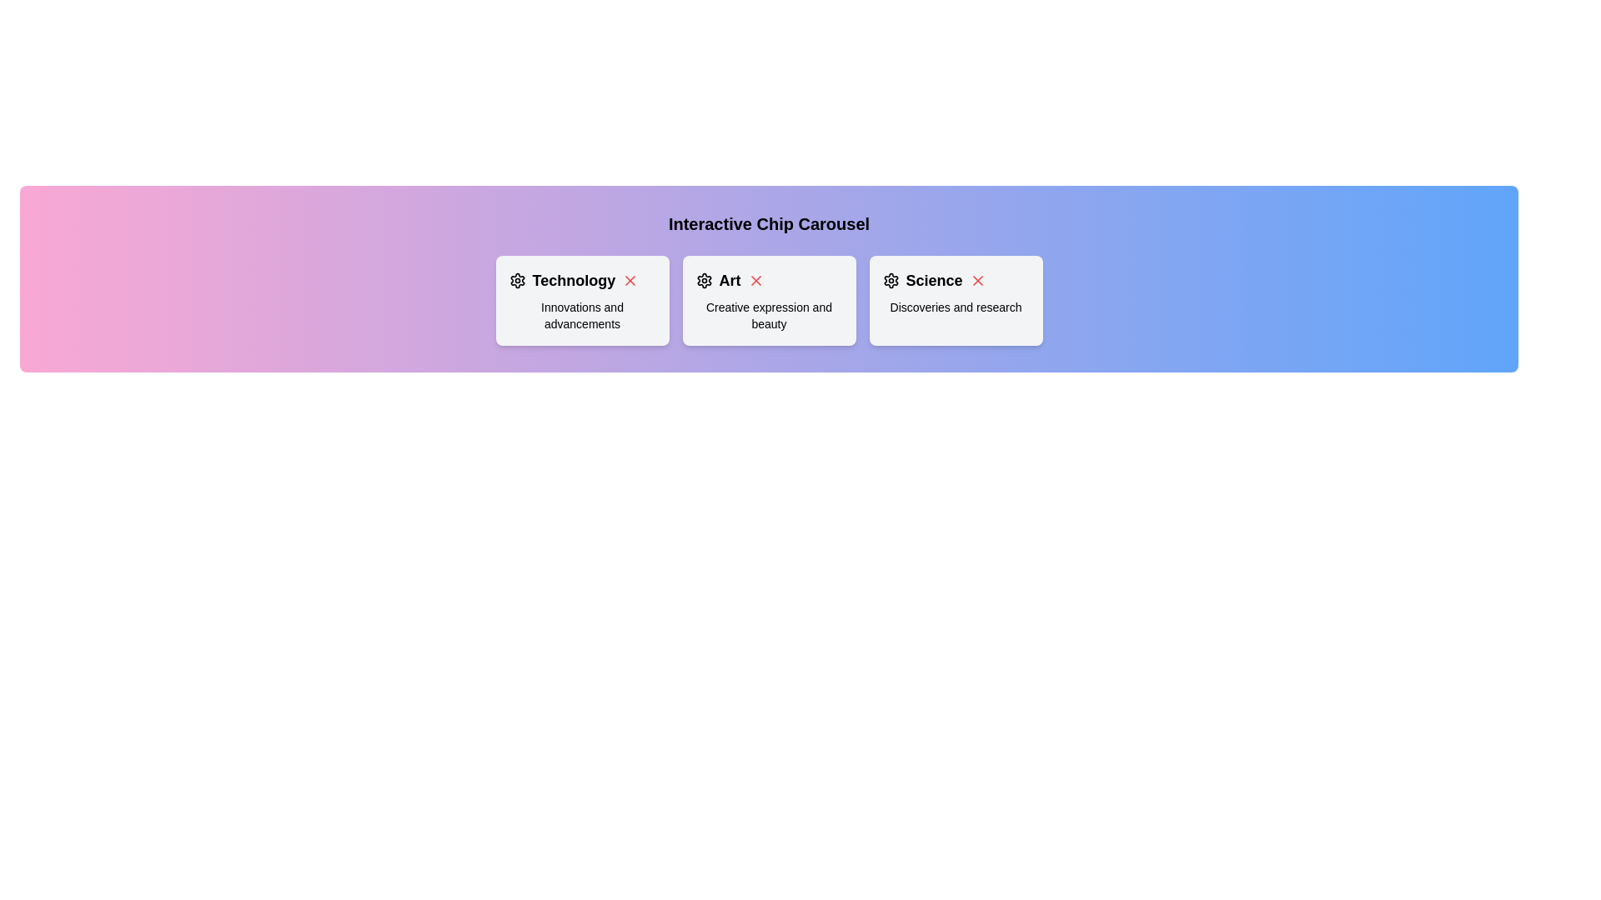 This screenshot has height=900, width=1601. Describe the element at coordinates (582, 301) in the screenshot. I see `the chip labeled Technology to select it` at that location.